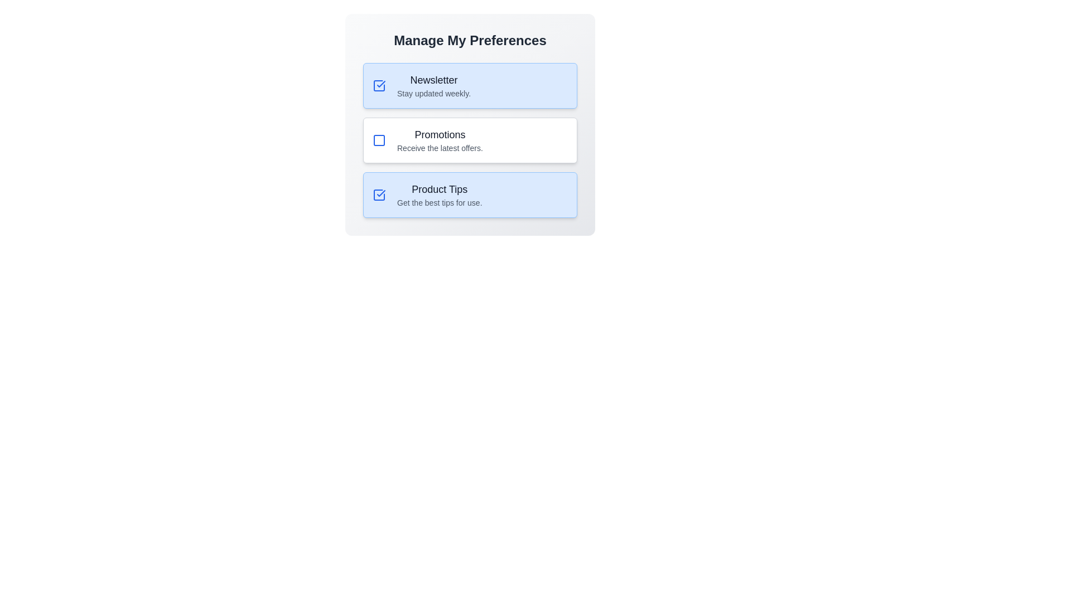 The image size is (1071, 602). I want to click on the 'Promotions' checkbox element located in the 'Manage My Preferences' section of the settings, which is styled with a blue outlined checkbox and descriptive text, so click(470, 139).